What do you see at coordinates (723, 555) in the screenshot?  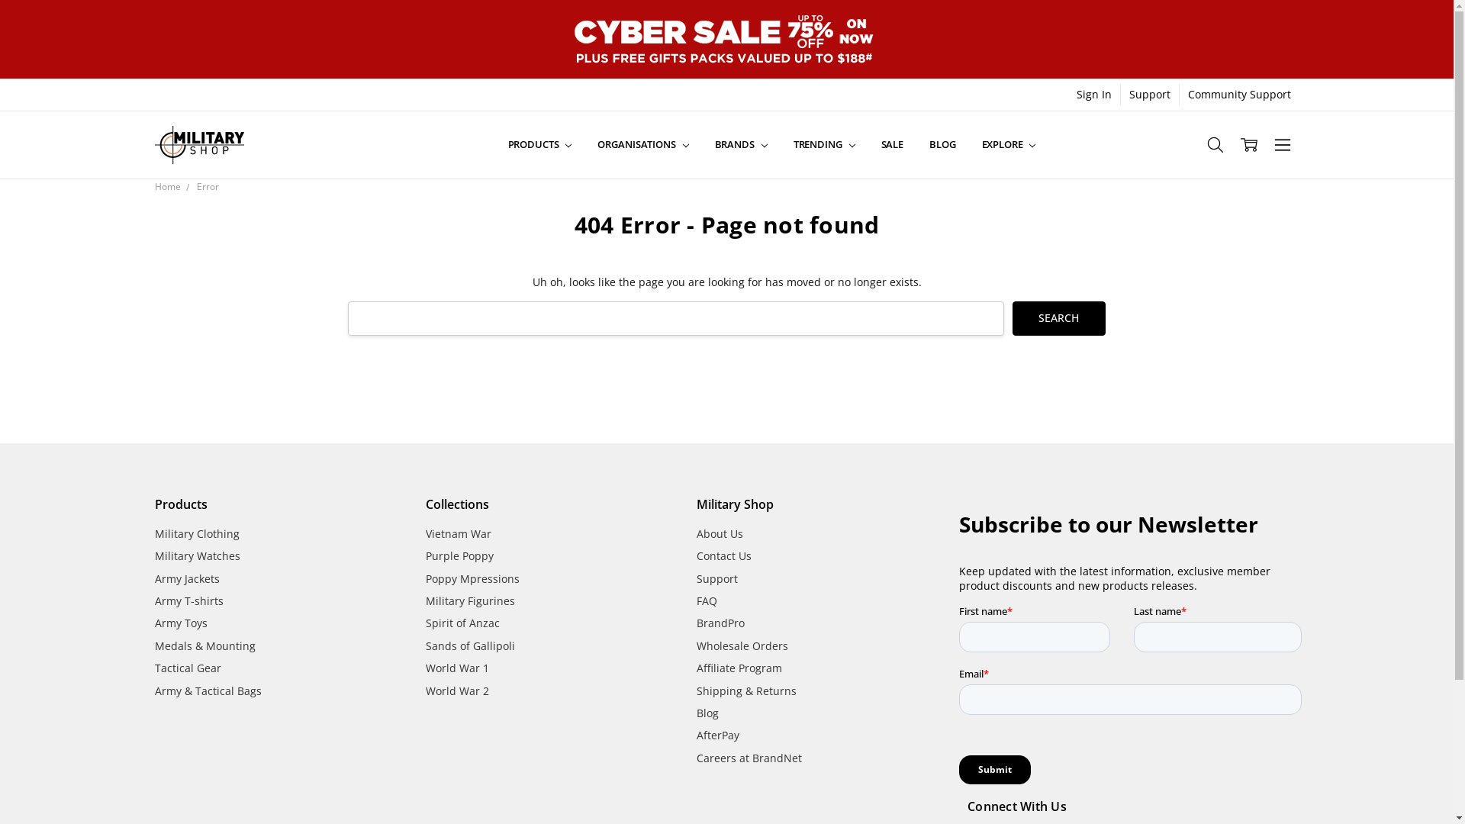 I see `'Contact Us'` at bounding box center [723, 555].